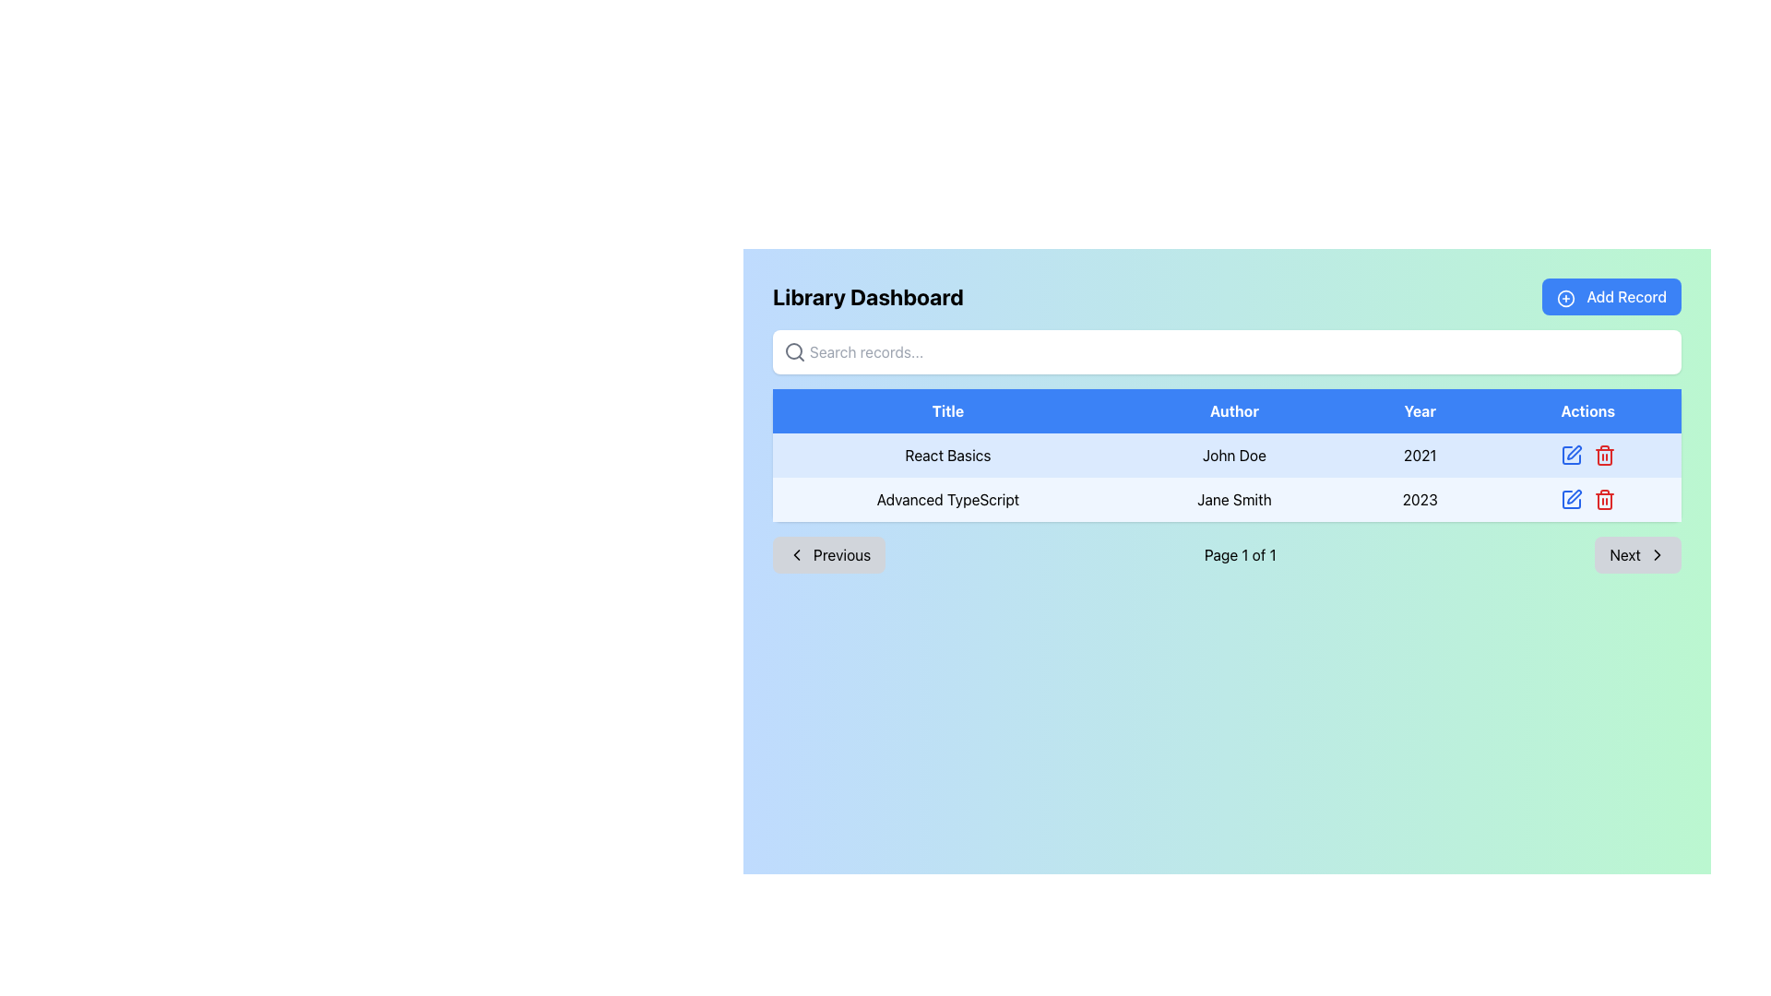  What do you see at coordinates (1419, 500) in the screenshot?
I see `the static text displaying the year for the item 'Advanced TypeScript', located in the 'Year' column of the table row after 'Jane Smith'` at bounding box center [1419, 500].